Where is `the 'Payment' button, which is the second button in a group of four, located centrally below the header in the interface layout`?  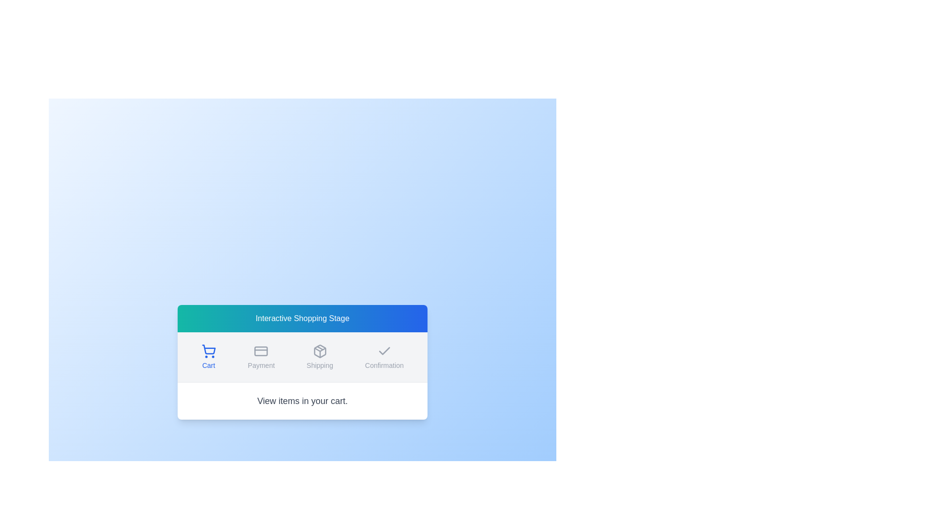
the 'Payment' button, which is the second button in a group of four, located centrally below the header in the interface layout is located at coordinates (261, 357).